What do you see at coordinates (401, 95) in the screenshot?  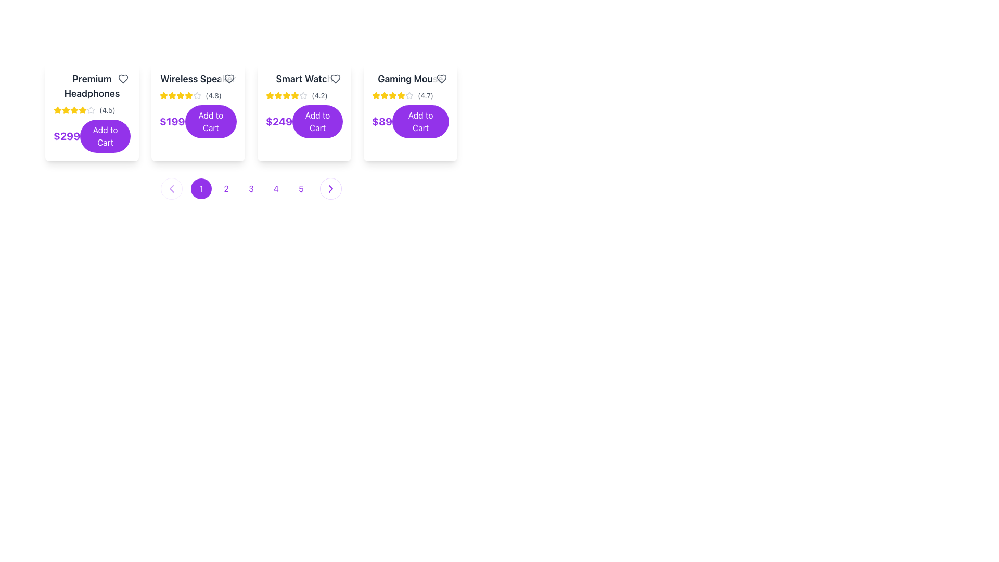 I see `the third yellow star icon in the rating display of the product card titled 'Gaming Mouse'` at bounding box center [401, 95].